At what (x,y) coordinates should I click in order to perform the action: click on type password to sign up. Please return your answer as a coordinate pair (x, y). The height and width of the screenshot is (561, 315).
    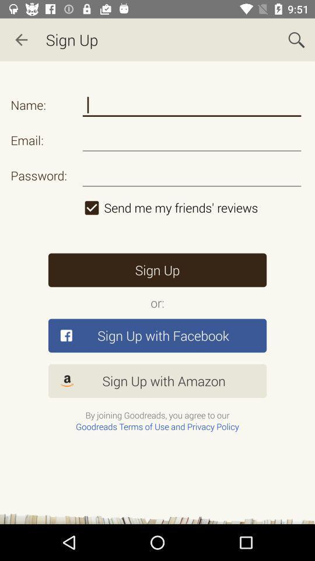
    Looking at the image, I should click on (192, 175).